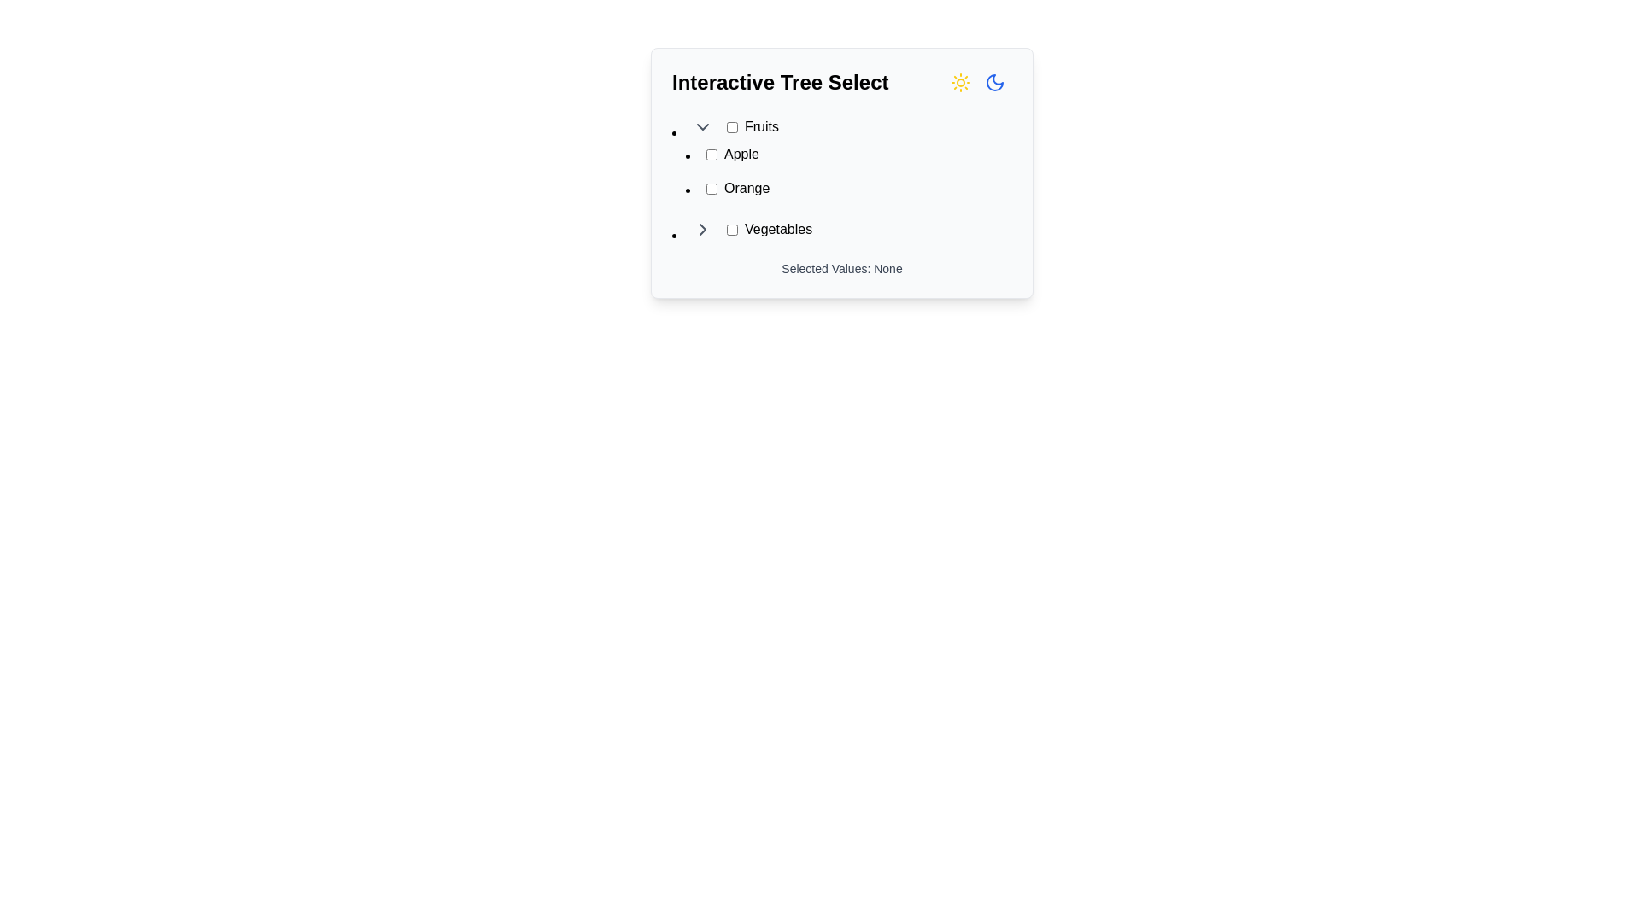  I want to click on the nighttime mode icon located to the right of the sun-shaped icon in the top-right corner of the card's header, so click(995, 82).